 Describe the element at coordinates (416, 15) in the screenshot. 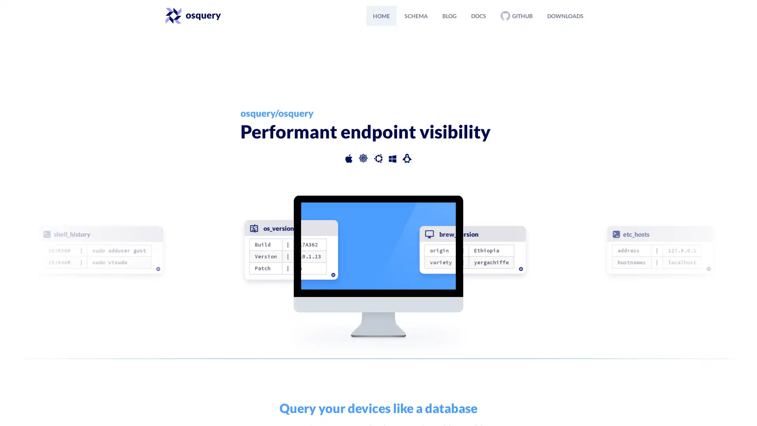

I see `SCHEMA` at that location.